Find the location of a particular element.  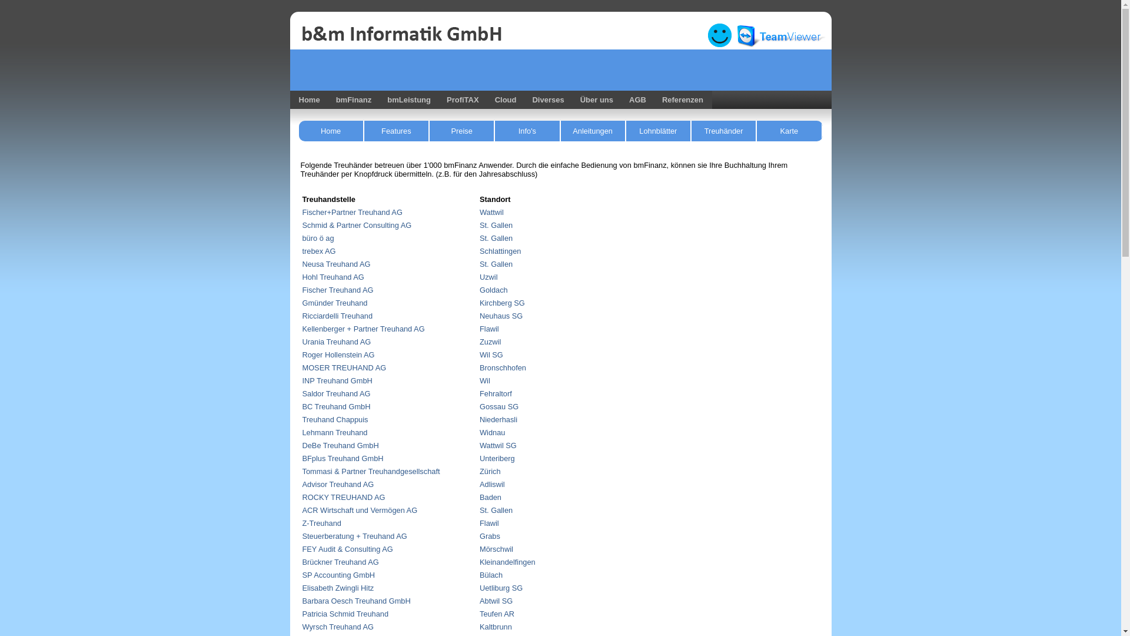

'Treuhand Chappuis' is located at coordinates (302, 419).